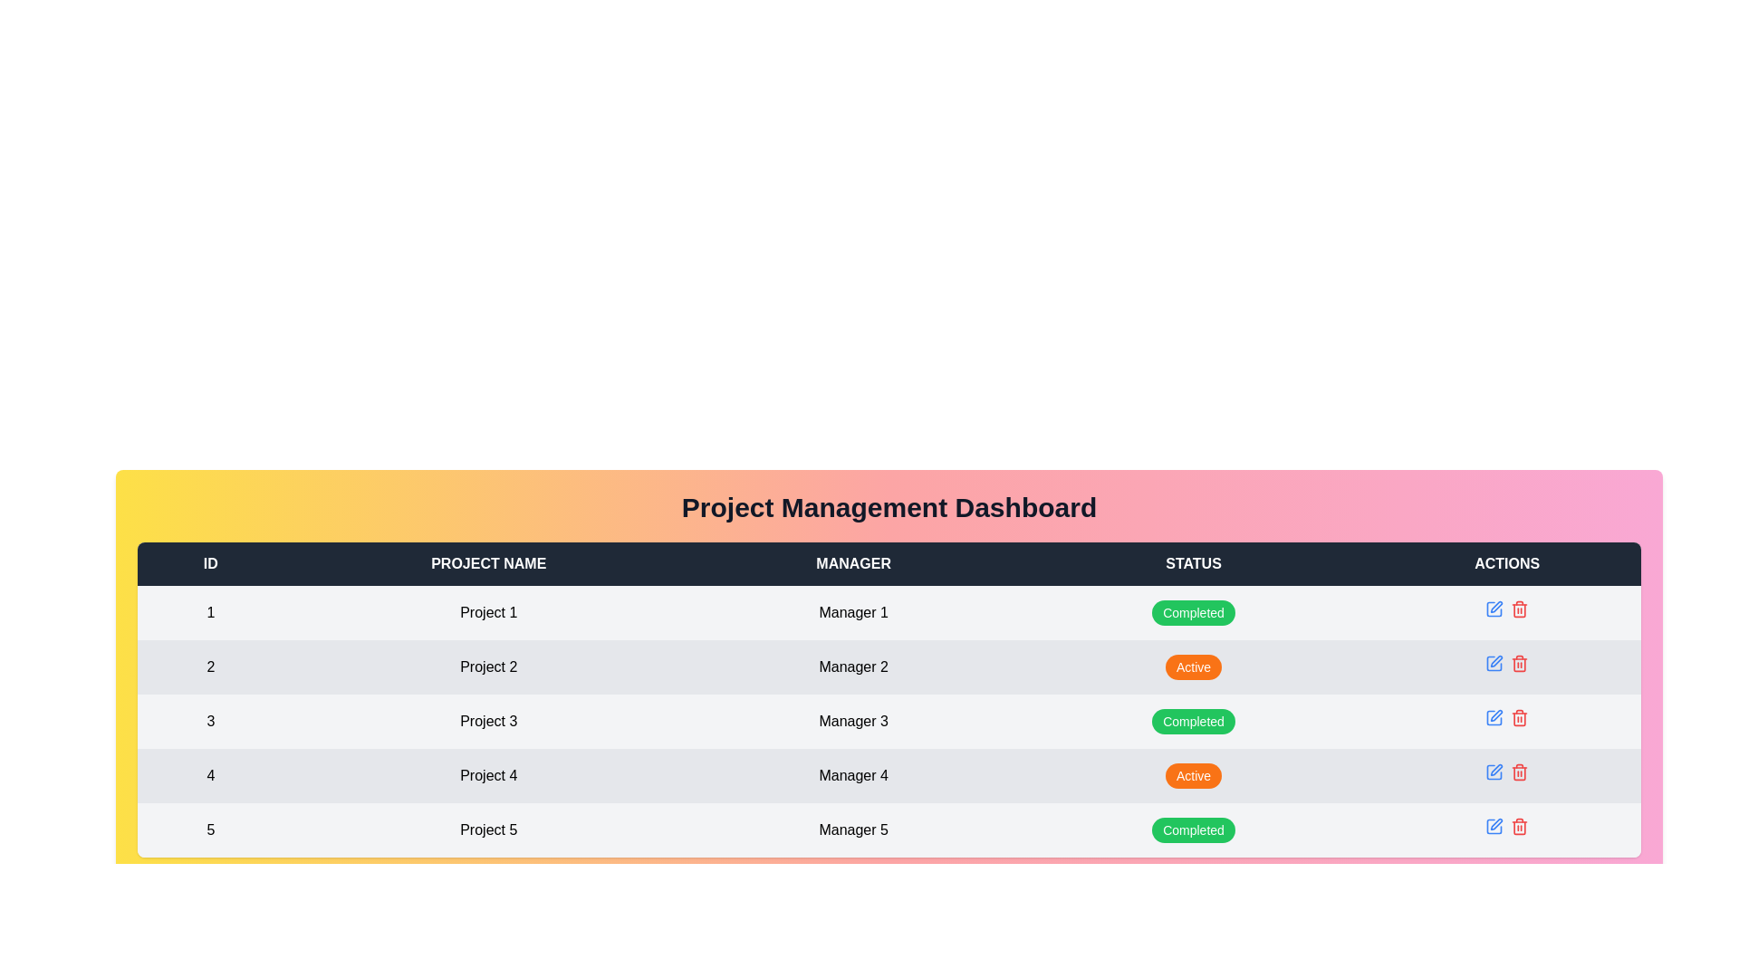 The width and height of the screenshot is (1739, 978). I want to click on the text label displaying 'Project 3' in the 'Project Name' column, located in the second cell of the third row, so click(488, 721).